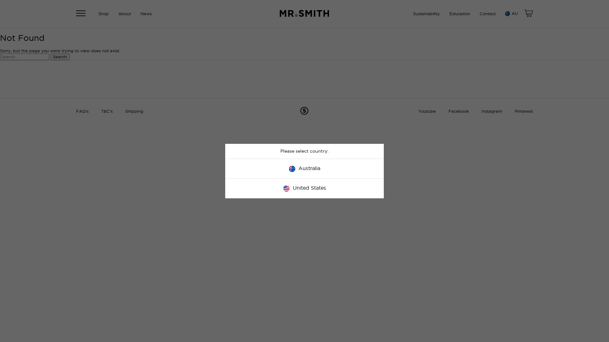 The image size is (609, 342). Describe the element at coordinates (60, 56) in the screenshot. I see `'Search'` at that location.